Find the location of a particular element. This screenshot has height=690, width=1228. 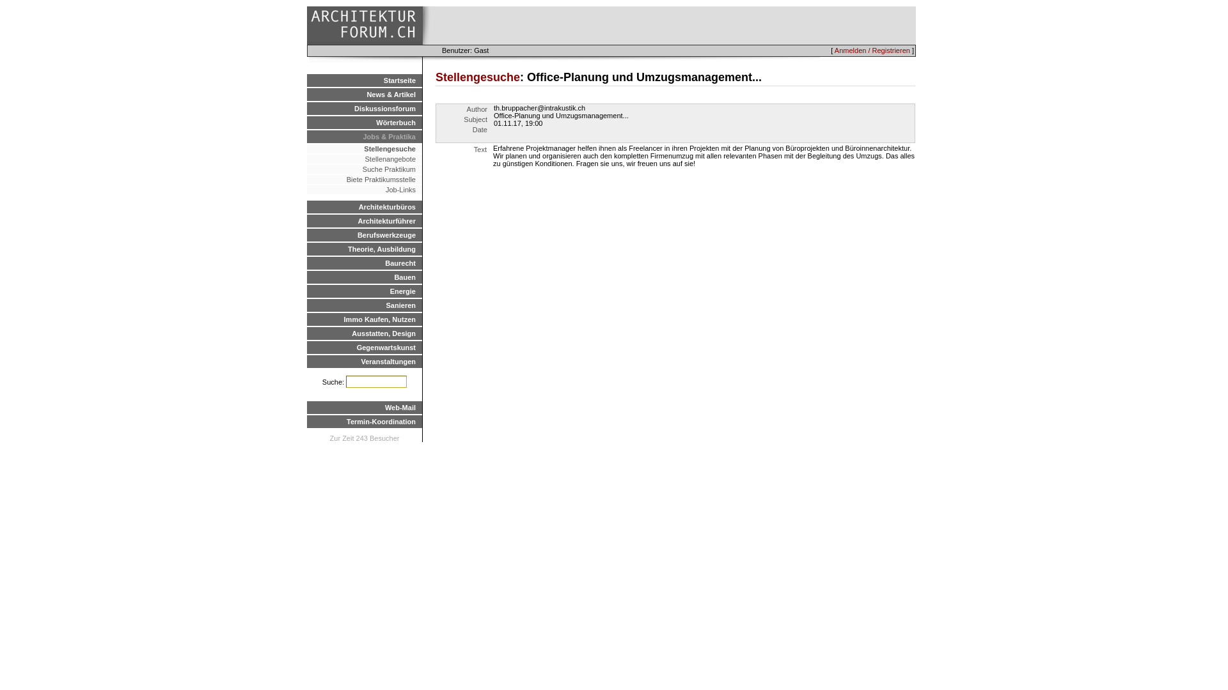

'Anmelden / Registrieren' is located at coordinates (871, 49).